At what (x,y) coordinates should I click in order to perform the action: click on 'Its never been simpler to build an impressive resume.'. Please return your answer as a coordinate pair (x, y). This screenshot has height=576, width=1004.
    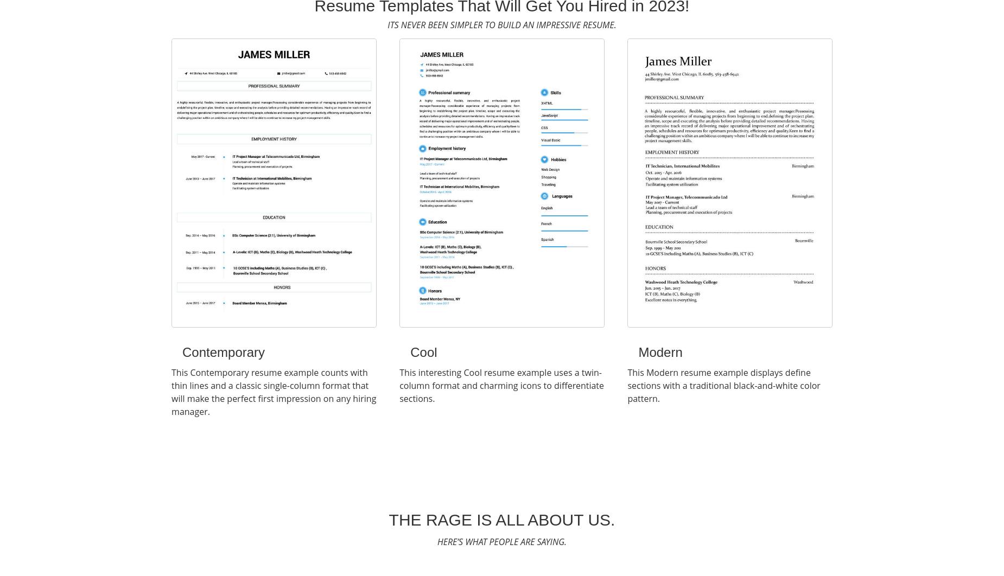
    Looking at the image, I should click on (501, 24).